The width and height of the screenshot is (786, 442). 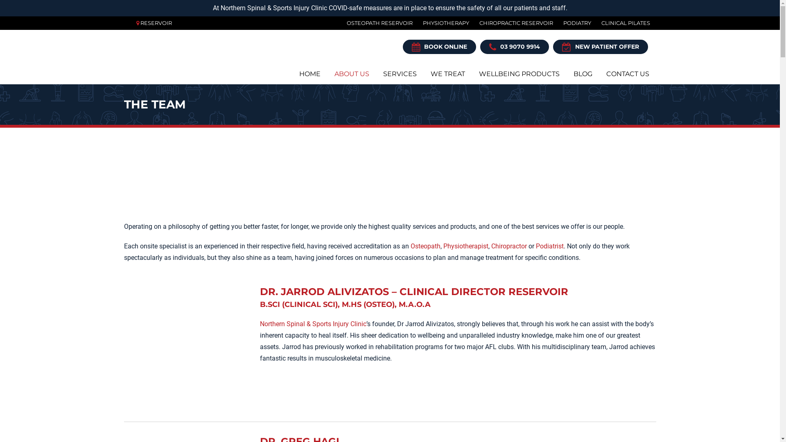 What do you see at coordinates (413, 23) in the screenshot?
I see `'PHYSIOTHERAPY'` at bounding box center [413, 23].